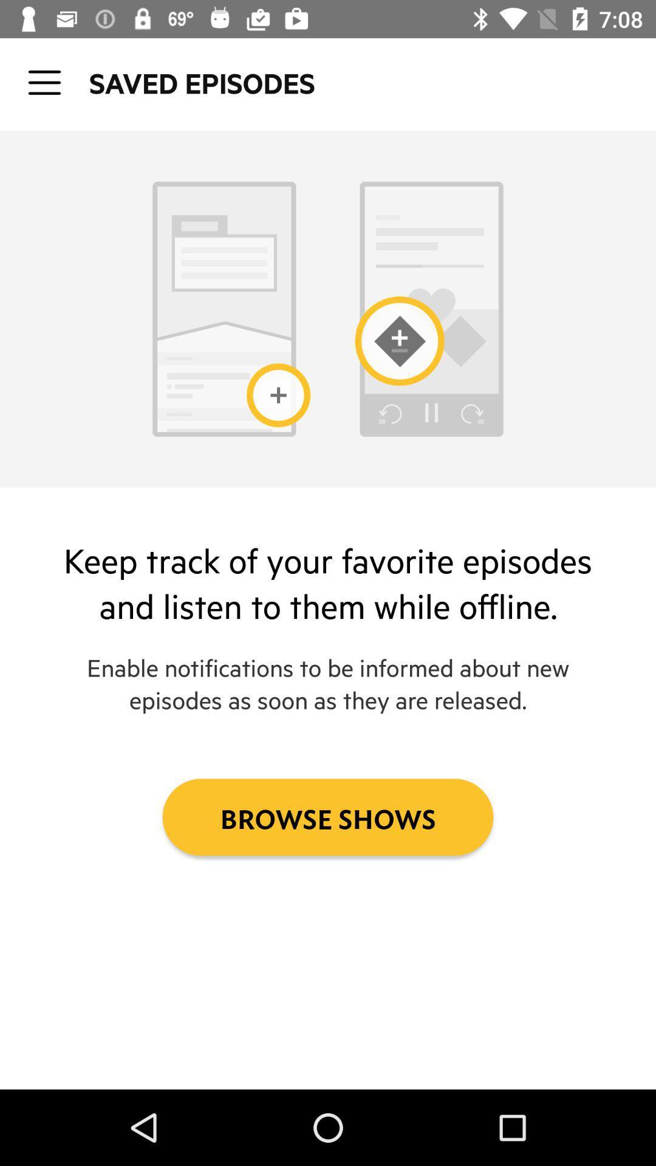 Image resolution: width=656 pixels, height=1166 pixels. I want to click on browse shows icon, so click(328, 817).